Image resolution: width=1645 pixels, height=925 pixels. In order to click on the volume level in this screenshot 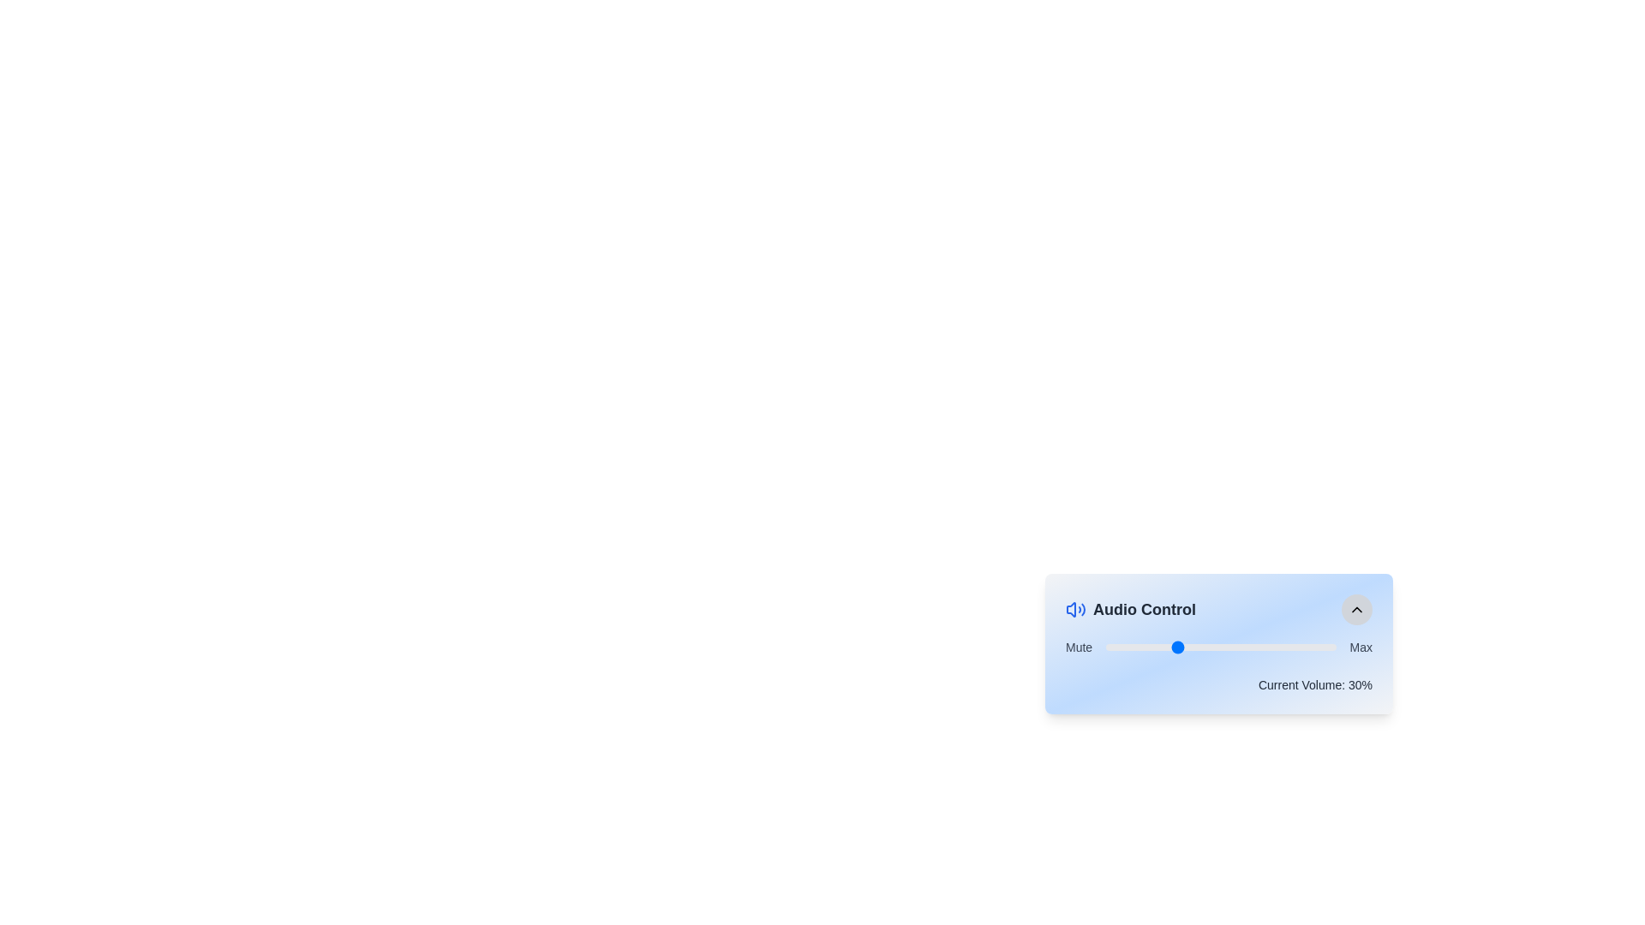, I will do `click(1147, 647)`.